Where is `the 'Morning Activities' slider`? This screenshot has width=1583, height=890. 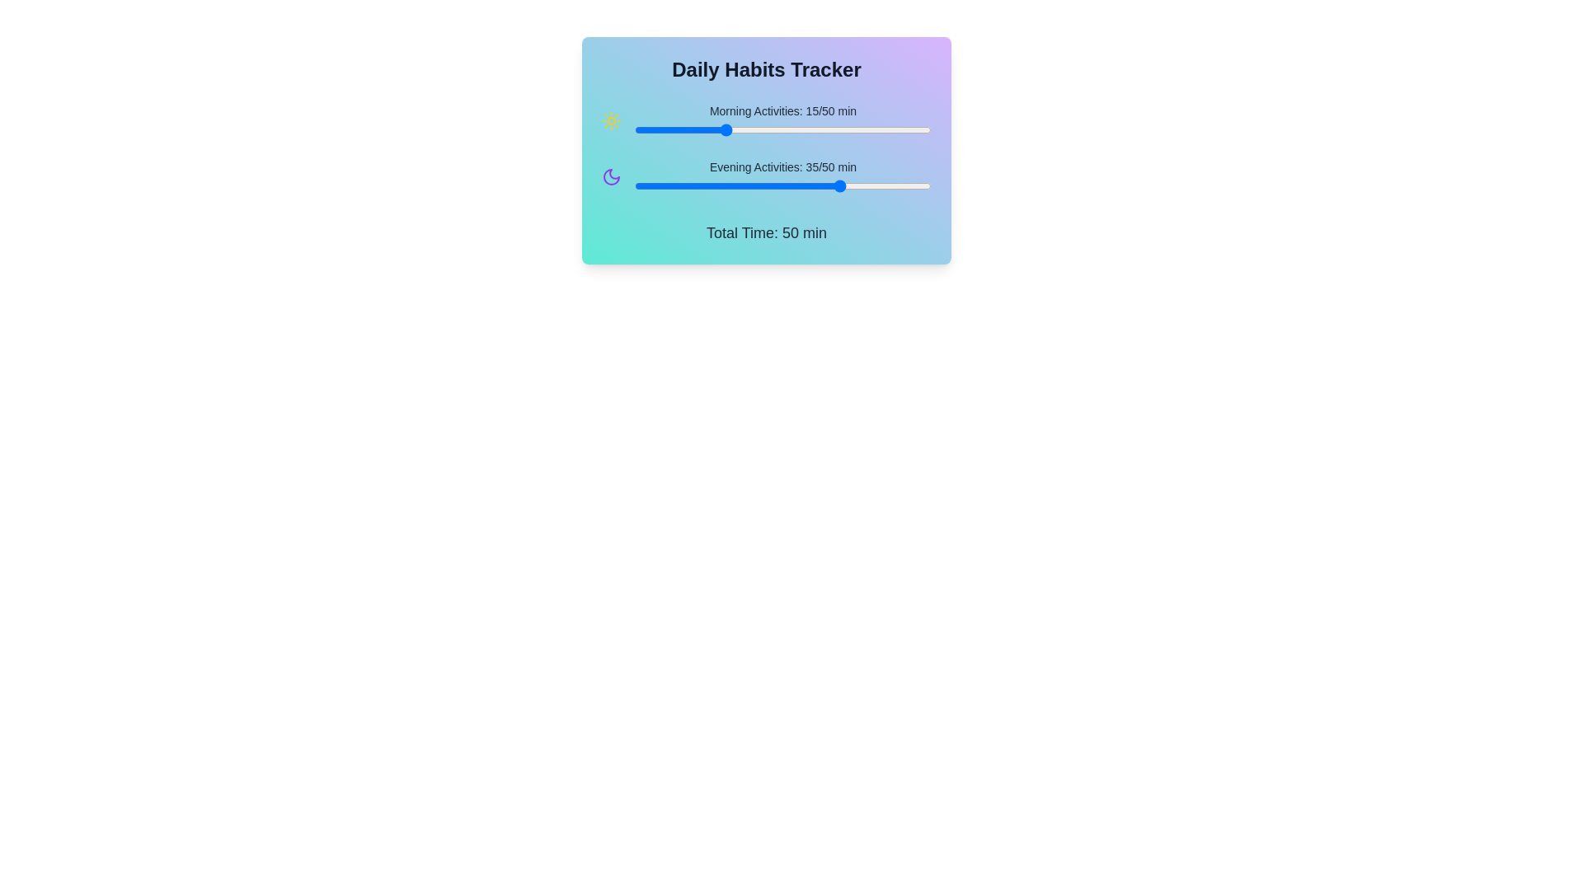
the 'Morning Activities' slider is located at coordinates (764, 129).